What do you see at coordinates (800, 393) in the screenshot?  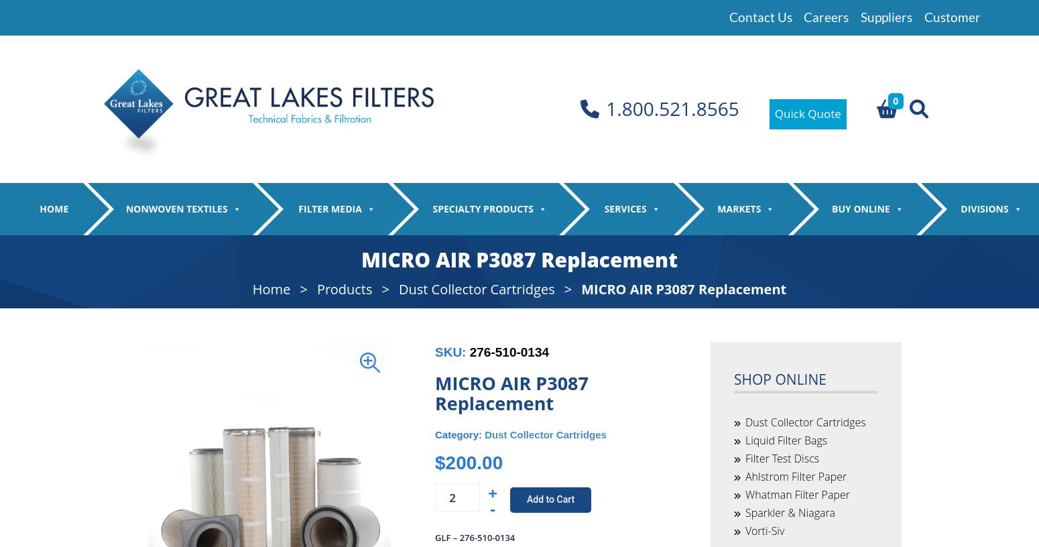 I see `'Sparkler & Niagara'` at bounding box center [800, 393].